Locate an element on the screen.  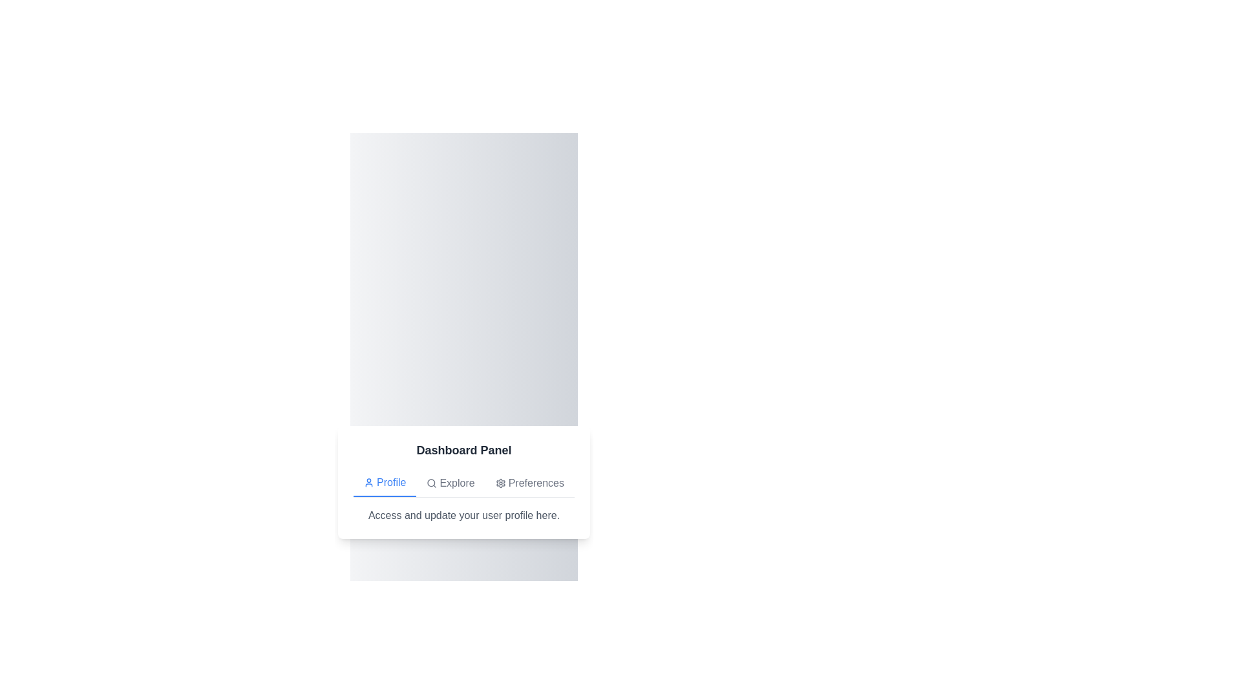
the magnifying glass icon, which is the first visual indicator associated with the 'Explore' option, located to the left of the text 'Explore' is located at coordinates (432, 483).